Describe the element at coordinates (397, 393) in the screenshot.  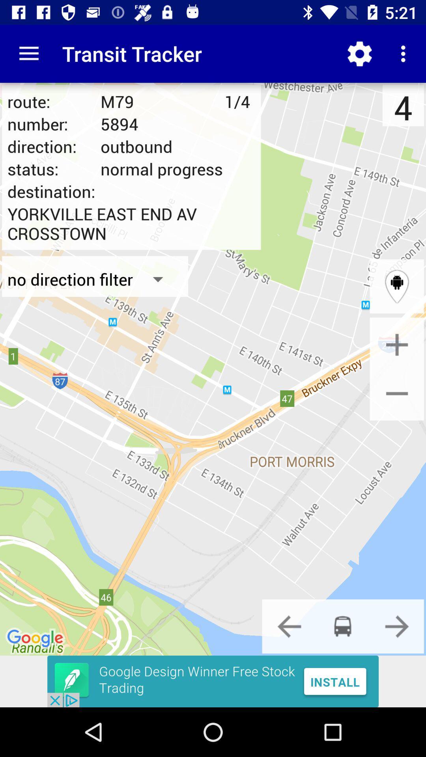
I see `the minus icon` at that location.